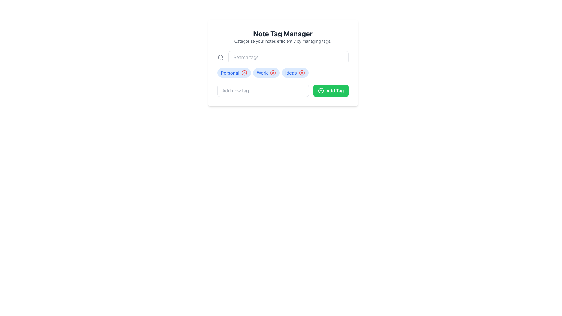  What do you see at coordinates (273, 73) in the screenshot?
I see `the interactive icon button that removes the 'Work' tag to possibly show a tooltip` at bounding box center [273, 73].